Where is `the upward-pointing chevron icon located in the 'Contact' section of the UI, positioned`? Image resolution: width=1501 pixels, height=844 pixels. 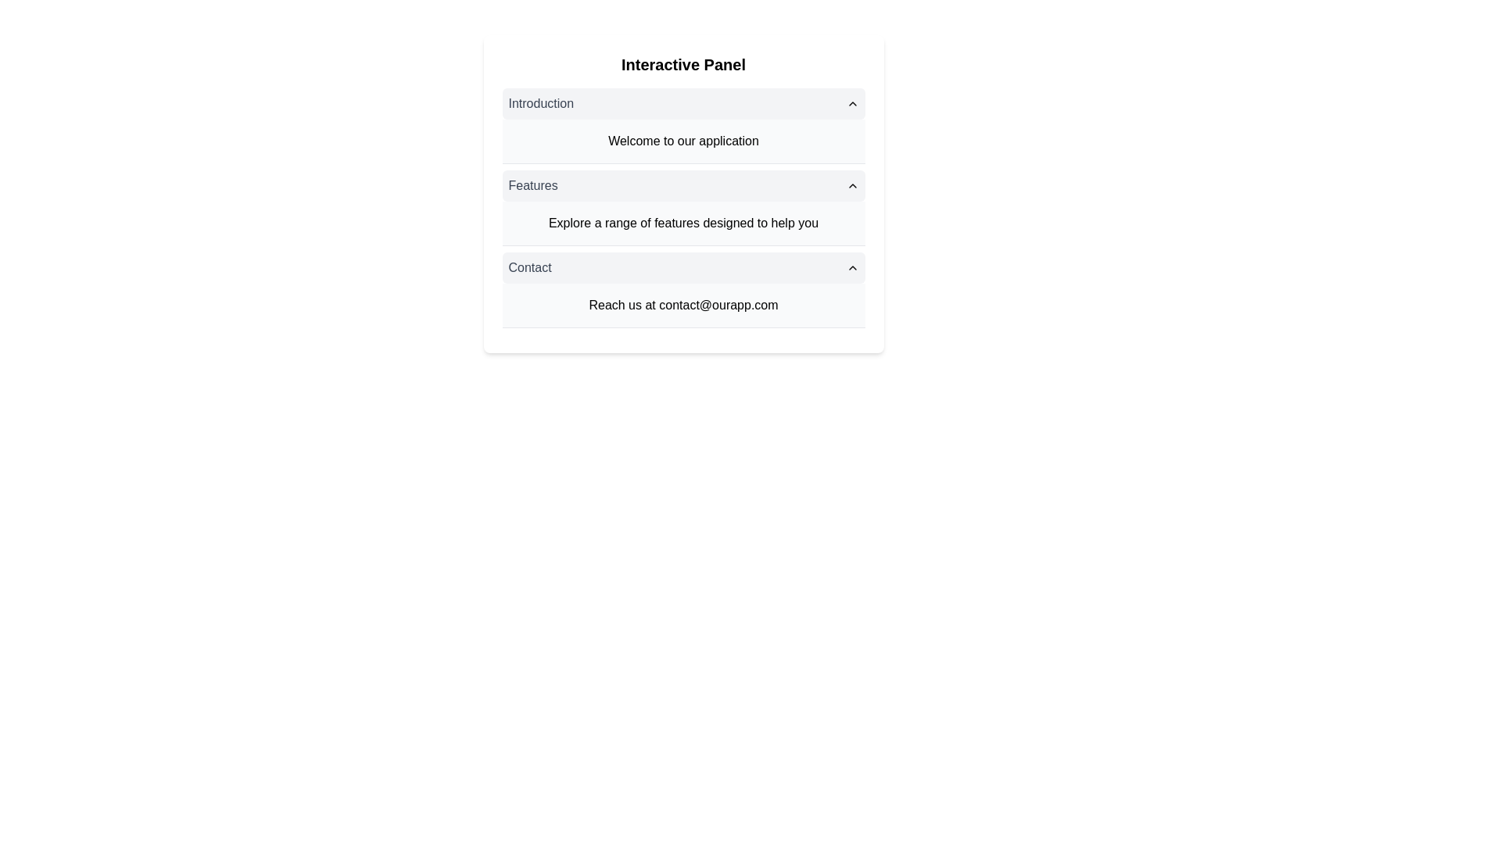
the upward-pointing chevron icon located in the 'Contact' section of the UI, positioned is located at coordinates (851, 267).